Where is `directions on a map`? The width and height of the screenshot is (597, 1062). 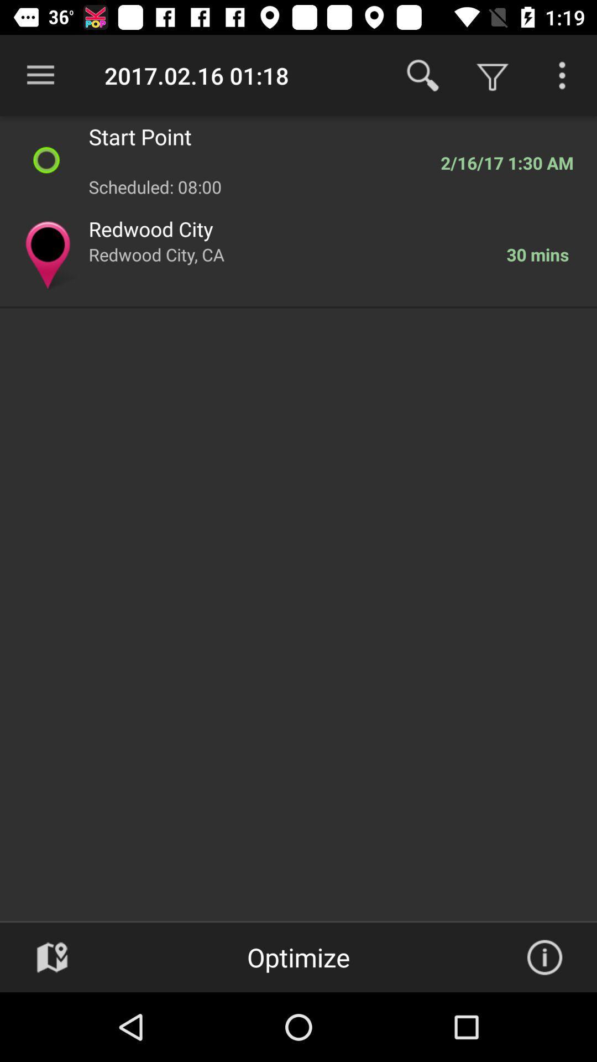 directions on a map is located at coordinates (52, 957).